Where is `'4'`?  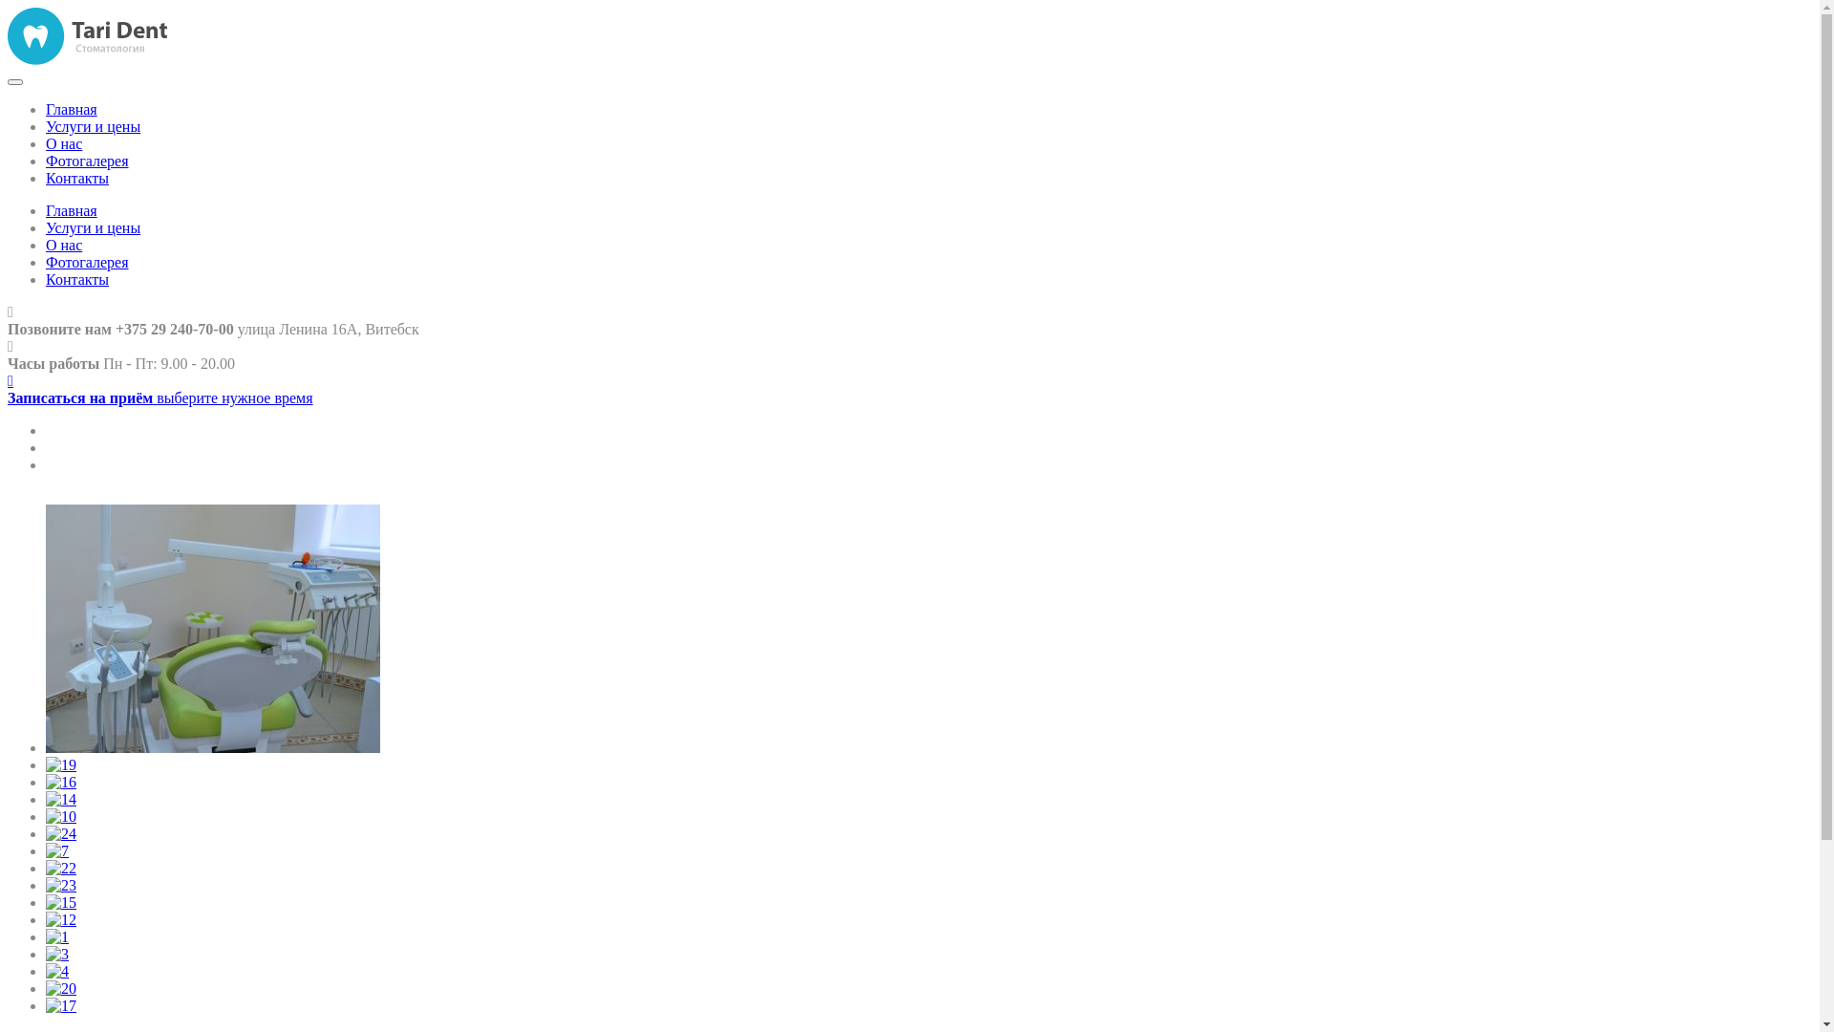 '4' is located at coordinates (56, 972).